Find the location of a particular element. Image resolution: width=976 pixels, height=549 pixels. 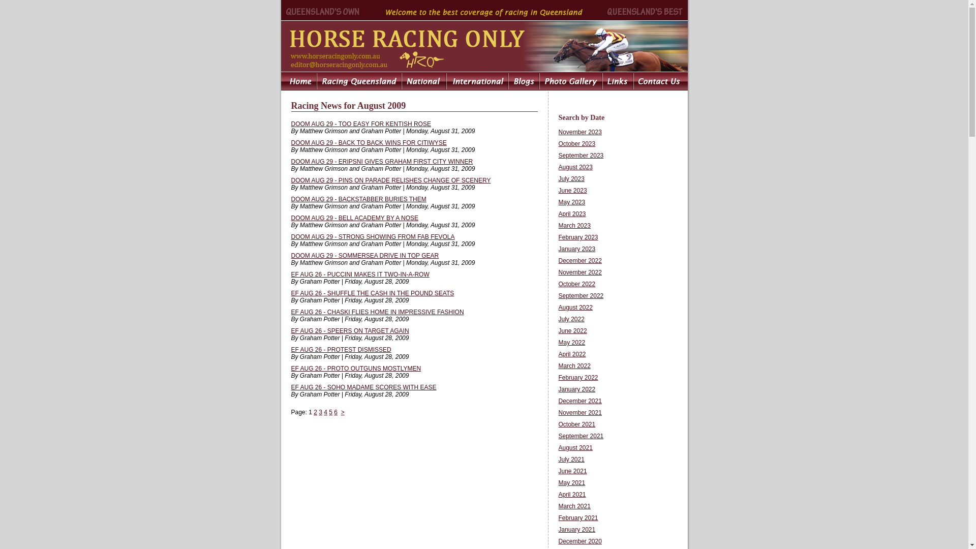

'September 2021' is located at coordinates (581, 435).